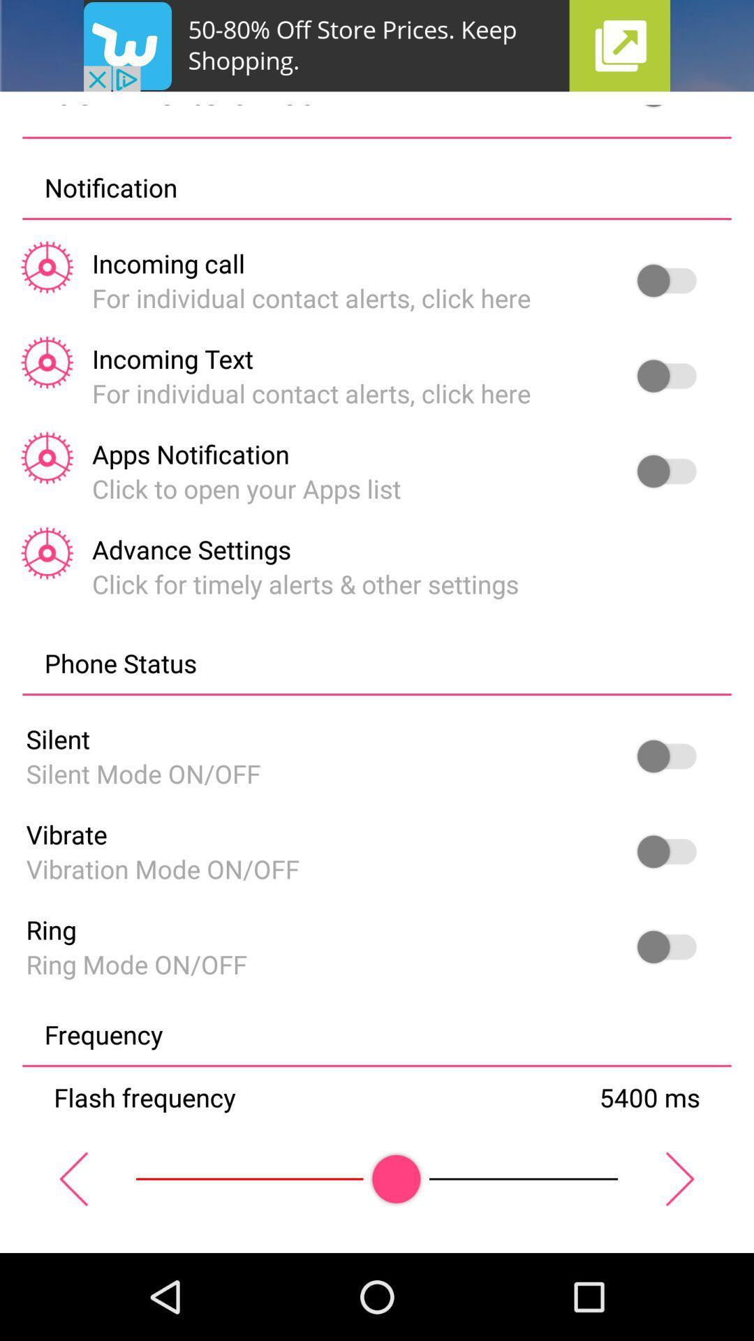 The image size is (754, 1341). Describe the element at coordinates (45, 361) in the screenshot. I see `the settings icon` at that location.